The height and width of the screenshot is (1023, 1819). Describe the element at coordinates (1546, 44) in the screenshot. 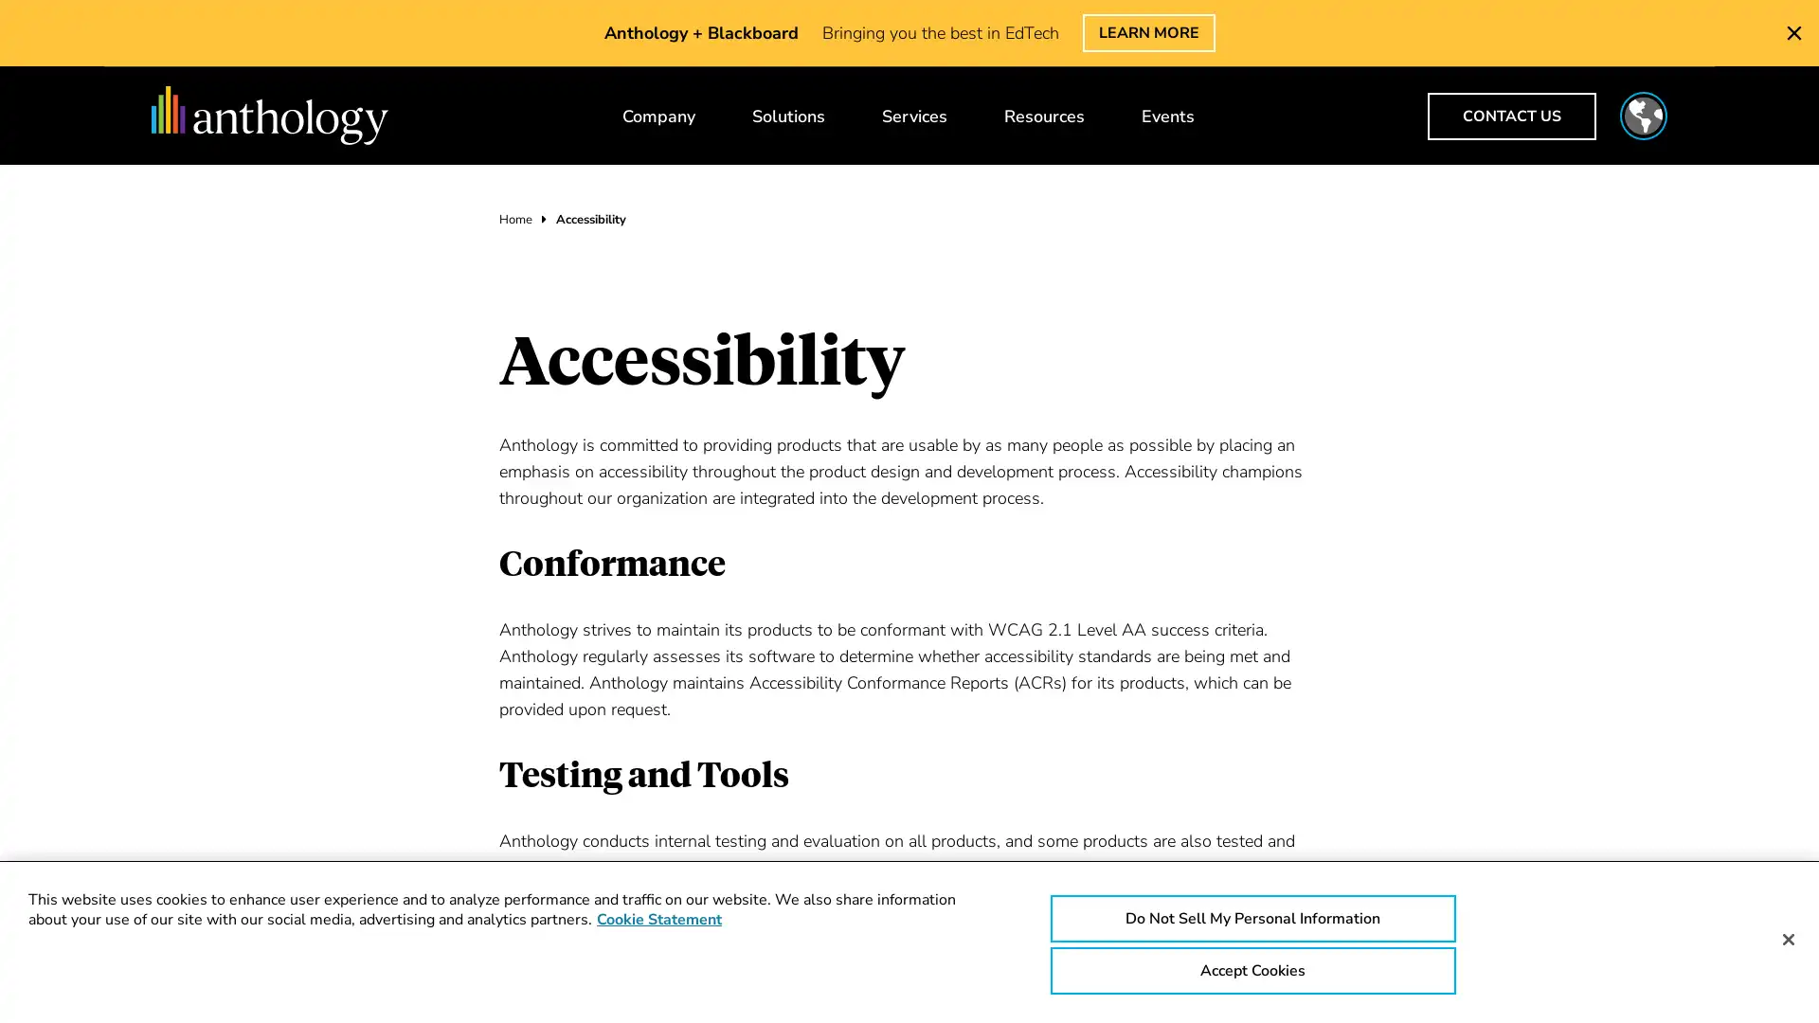

I see `CLOSE` at that location.